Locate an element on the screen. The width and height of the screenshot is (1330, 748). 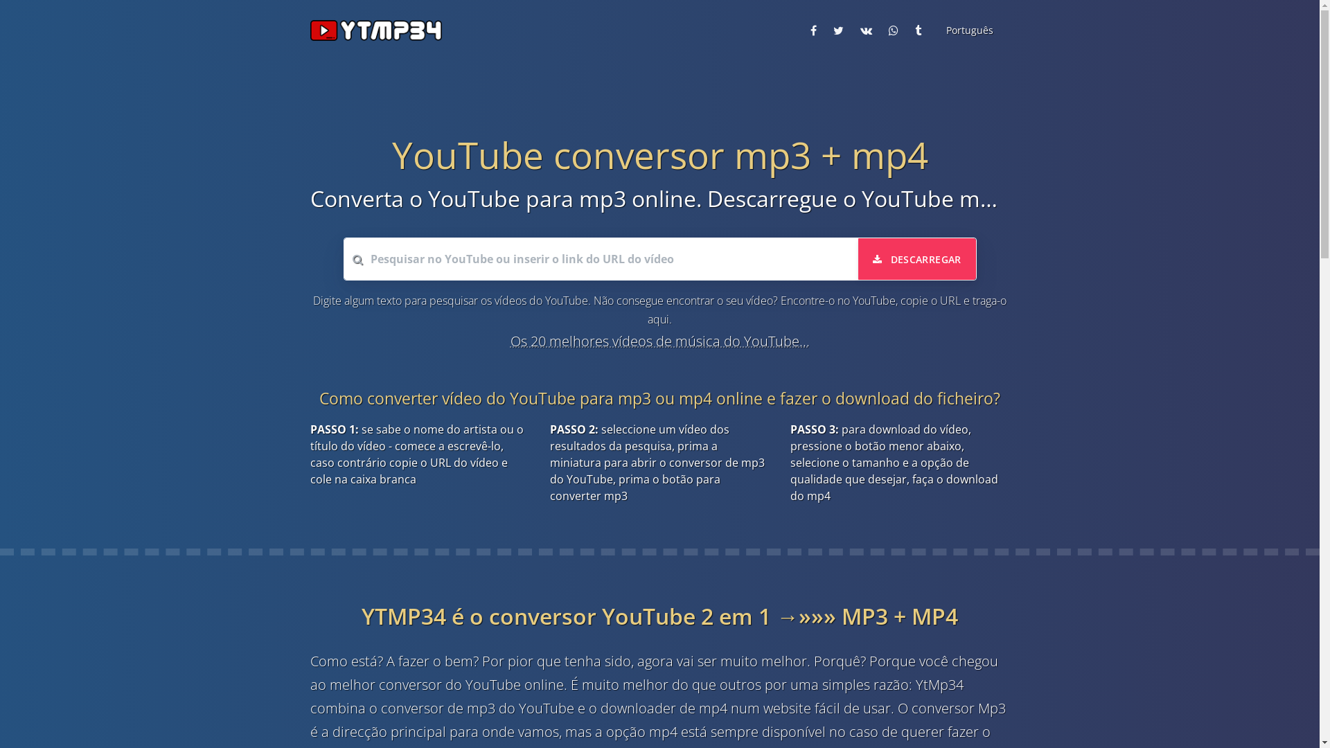
'Compartilhar em Whatsapp' is located at coordinates (881, 30).